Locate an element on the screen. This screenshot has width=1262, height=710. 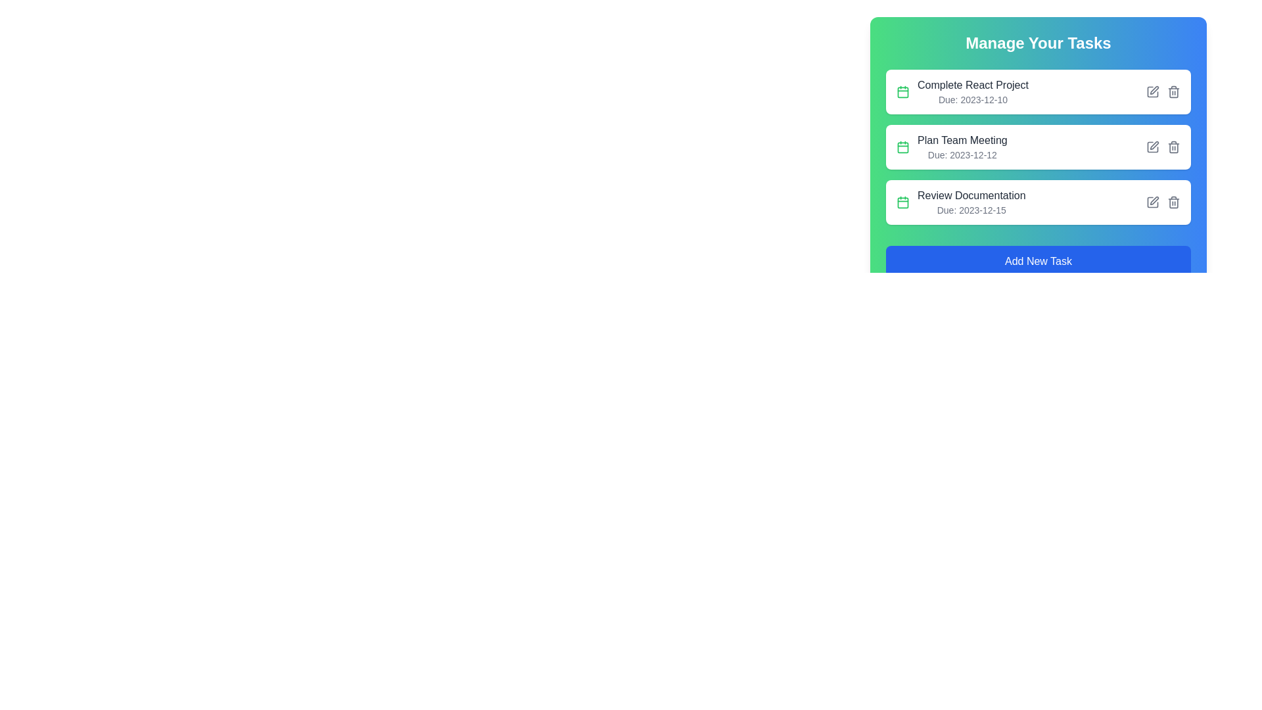
the static text label displaying 'Review Documentation', which is part of the third task entry under 'Manage Your Tasks' is located at coordinates (971, 195).